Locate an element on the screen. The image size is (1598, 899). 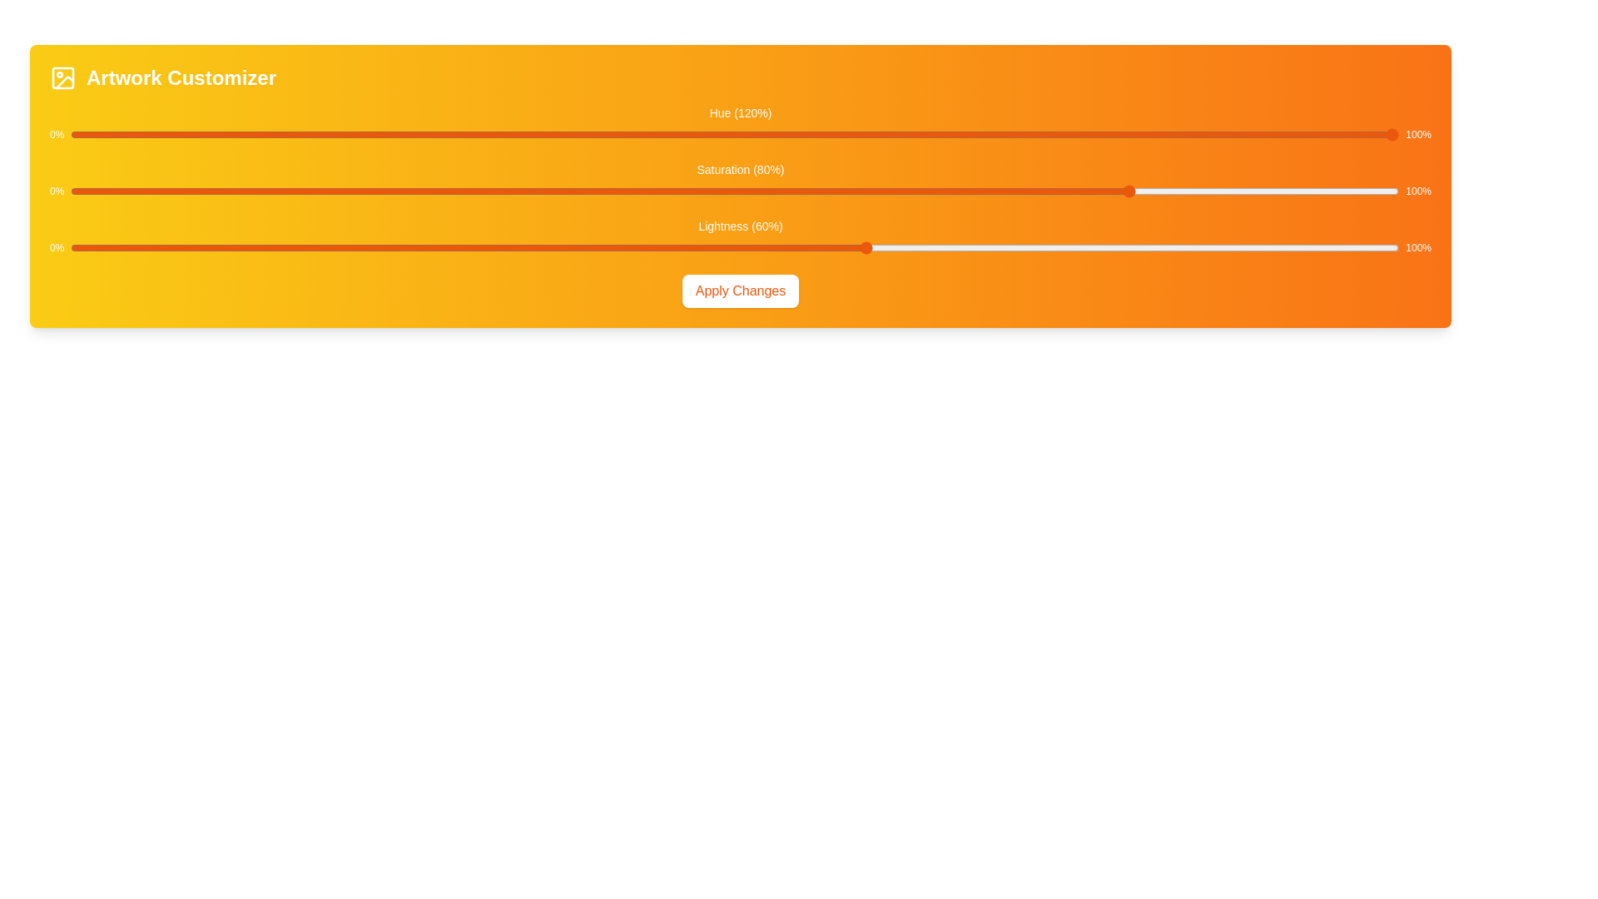
the lightness slider to 59% is located at coordinates (855, 247).